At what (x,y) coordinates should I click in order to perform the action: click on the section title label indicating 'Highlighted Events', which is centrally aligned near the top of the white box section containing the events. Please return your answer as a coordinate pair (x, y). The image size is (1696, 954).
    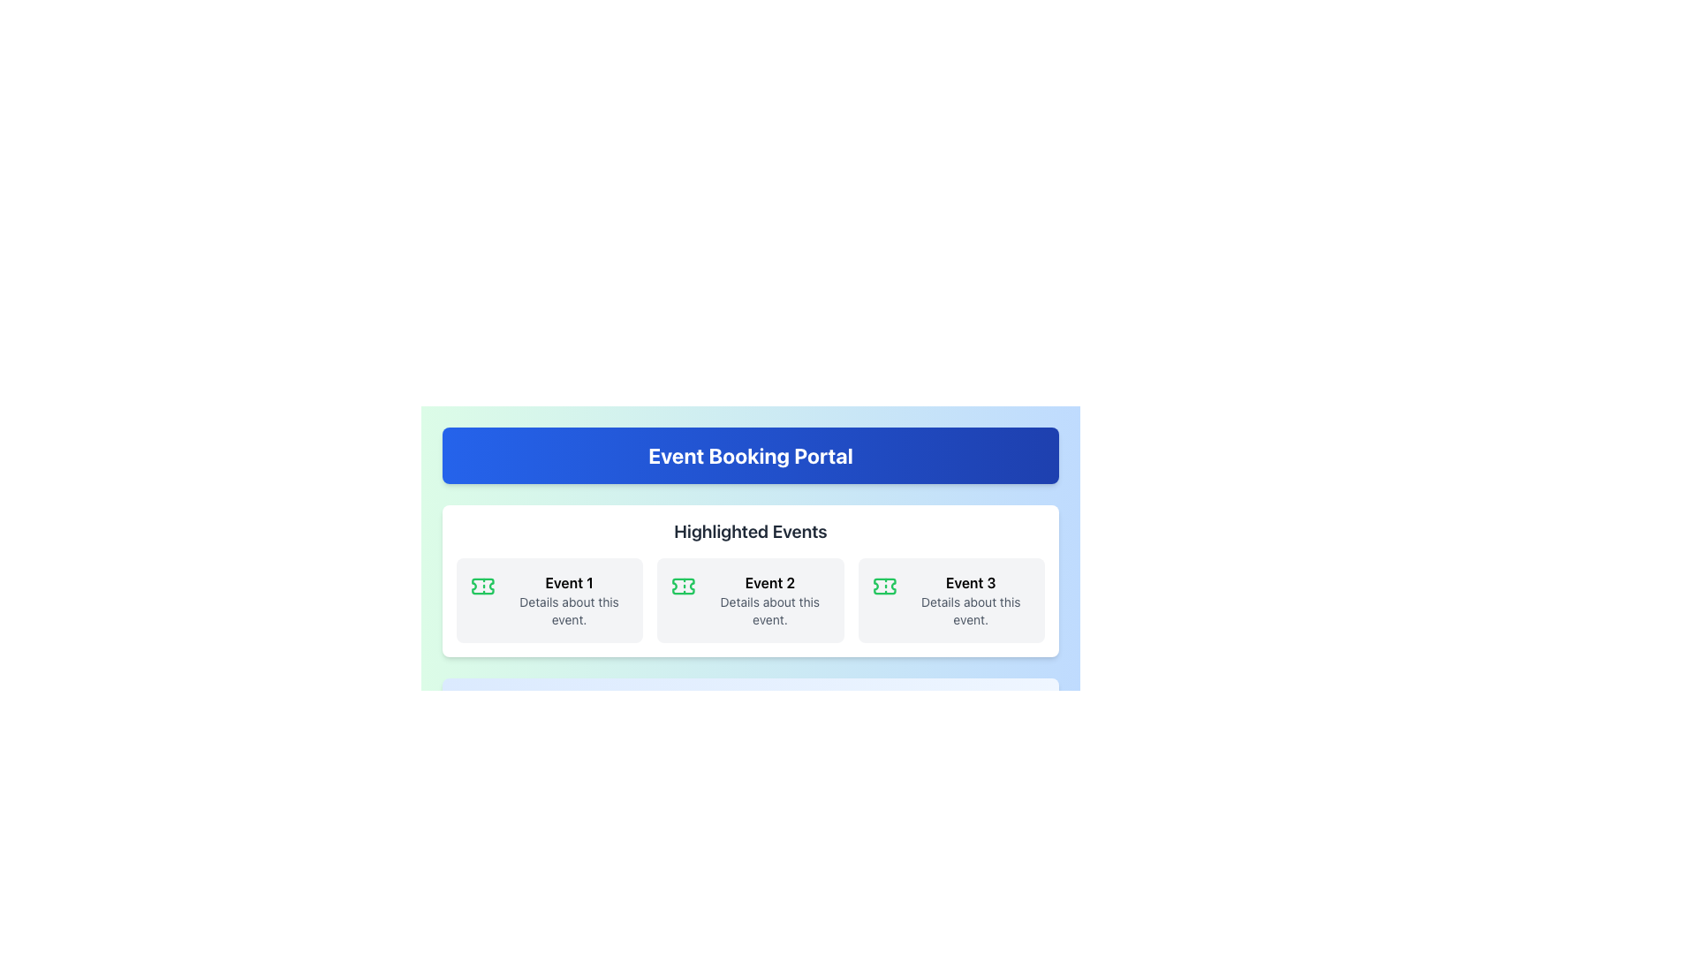
    Looking at the image, I should click on (750, 537).